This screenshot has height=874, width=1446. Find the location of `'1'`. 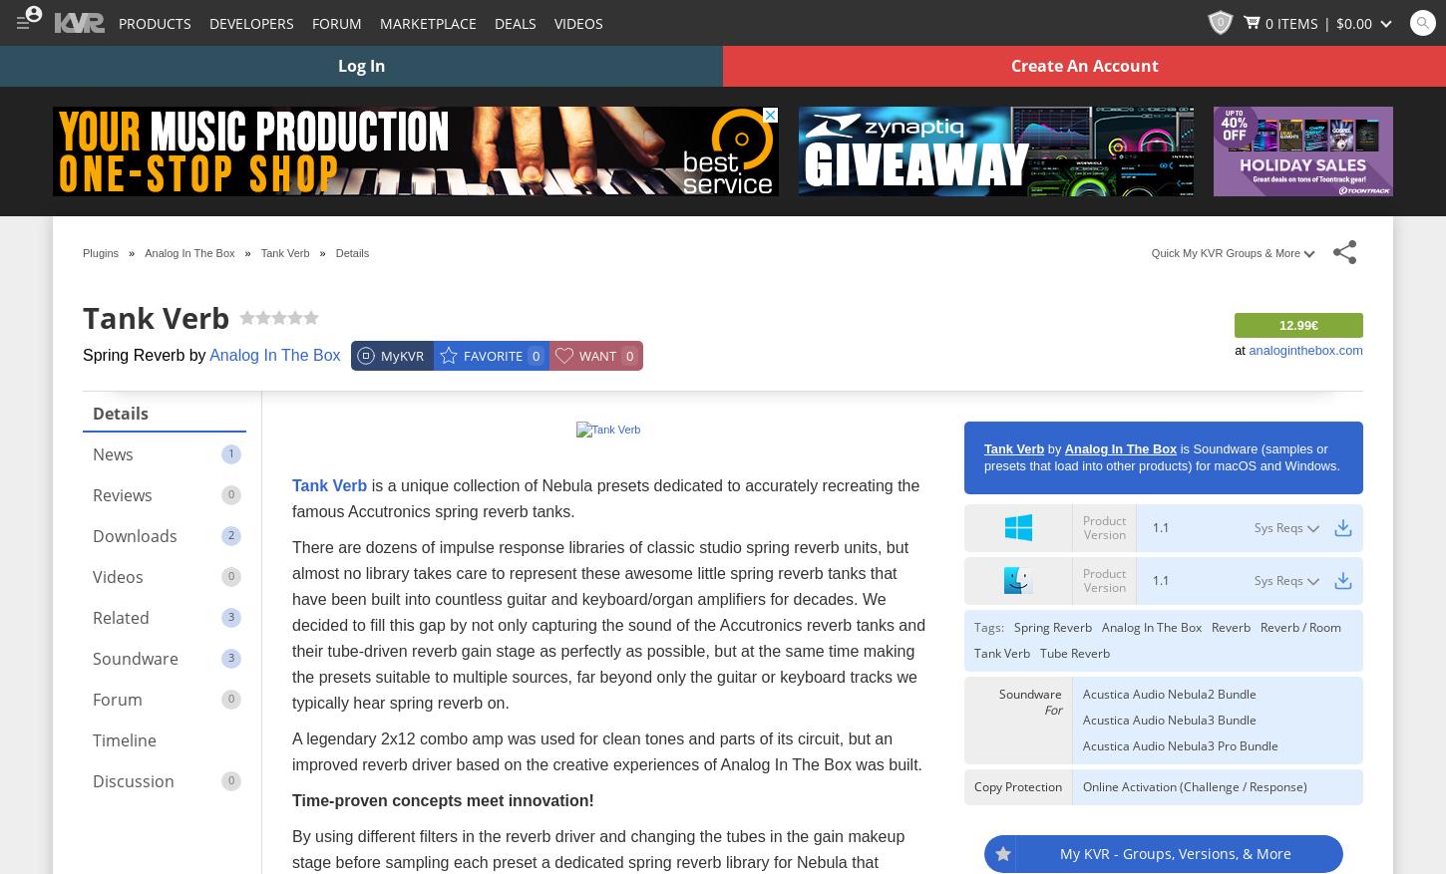

'1' is located at coordinates (229, 452).